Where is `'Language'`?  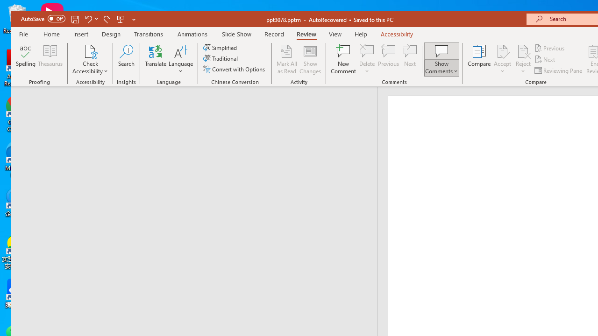
'Language' is located at coordinates (181, 59).